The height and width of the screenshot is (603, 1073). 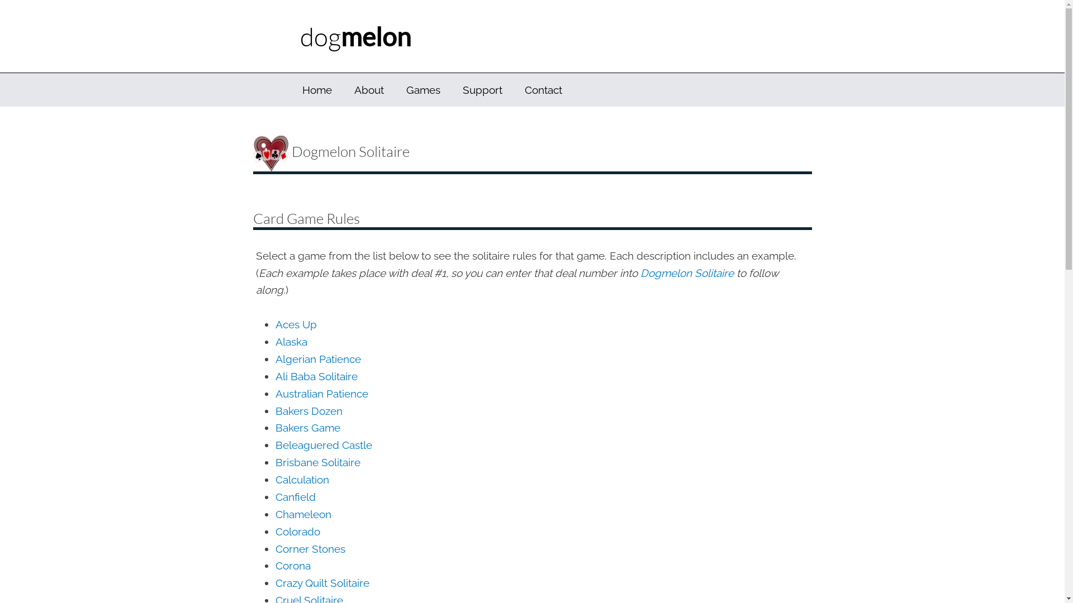 I want to click on 'Beleaguered Castle', so click(x=274, y=444).